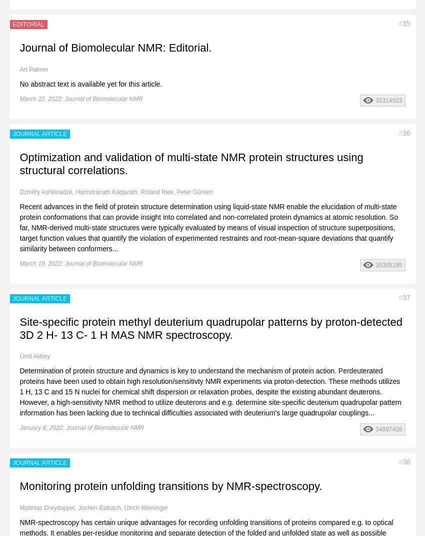 This screenshot has width=425, height=536. Describe the element at coordinates (81, 98) in the screenshot. I see `'March 22, 2022: Journal of Biomolecular NMR'` at that location.